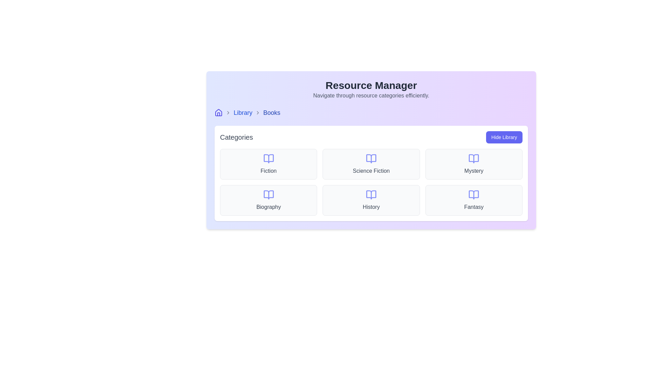 Image resolution: width=654 pixels, height=368 pixels. Describe the element at coordinates (268, 159) in the screenshot. I see `the 'Fiction' category icon located in the first row and first column of the grid layout` at that location.